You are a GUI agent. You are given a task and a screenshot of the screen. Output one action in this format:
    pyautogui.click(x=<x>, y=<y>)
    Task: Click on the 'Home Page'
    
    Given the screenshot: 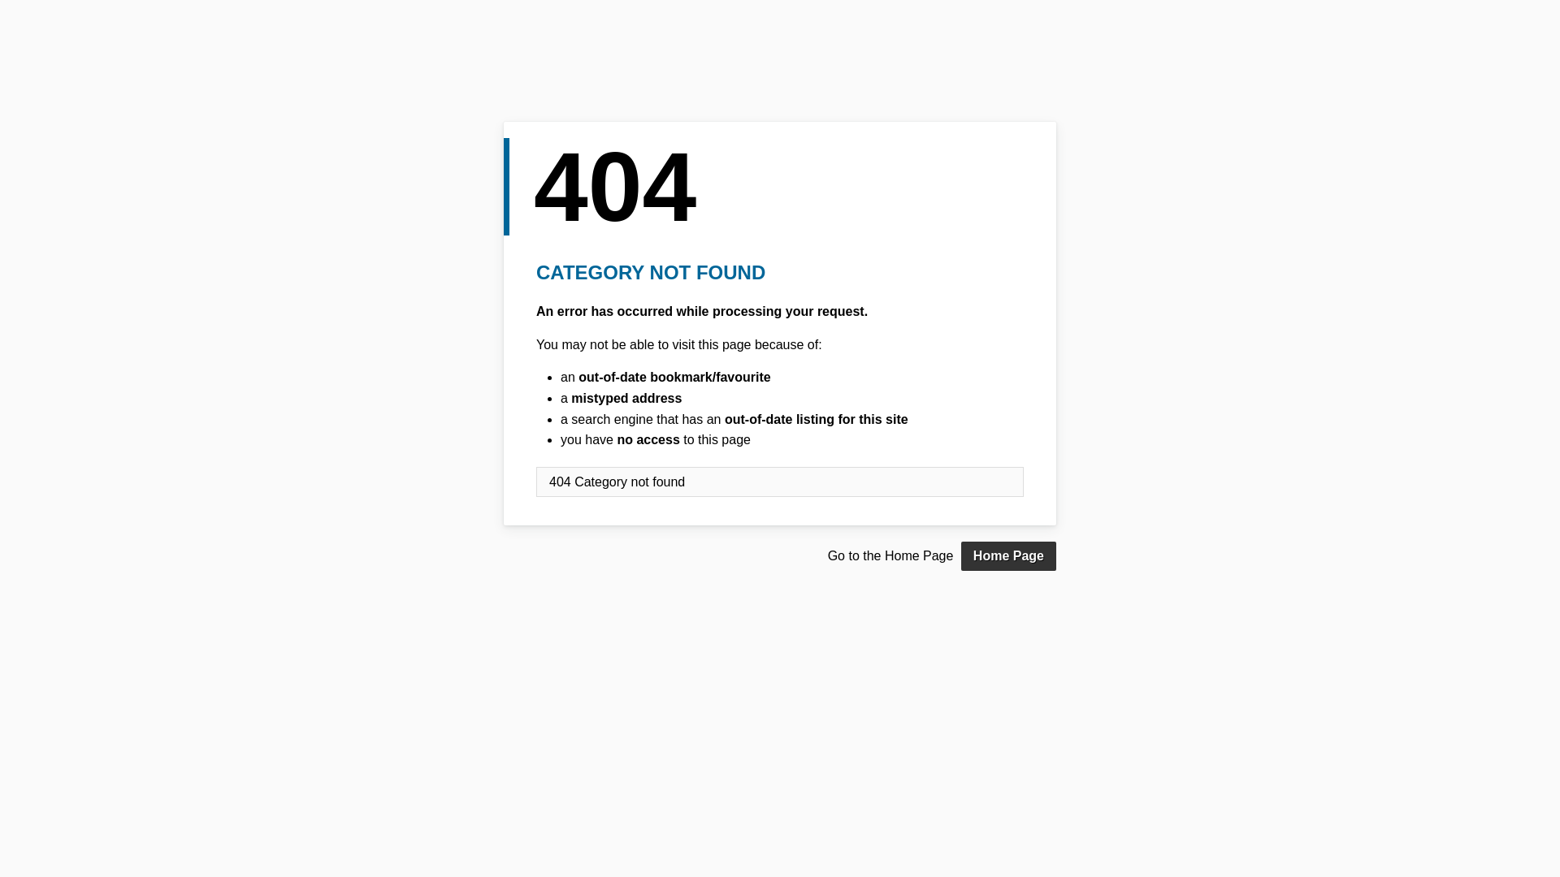 What is the action you would take?
    pyautogui.click(x=1007, y=555)
    